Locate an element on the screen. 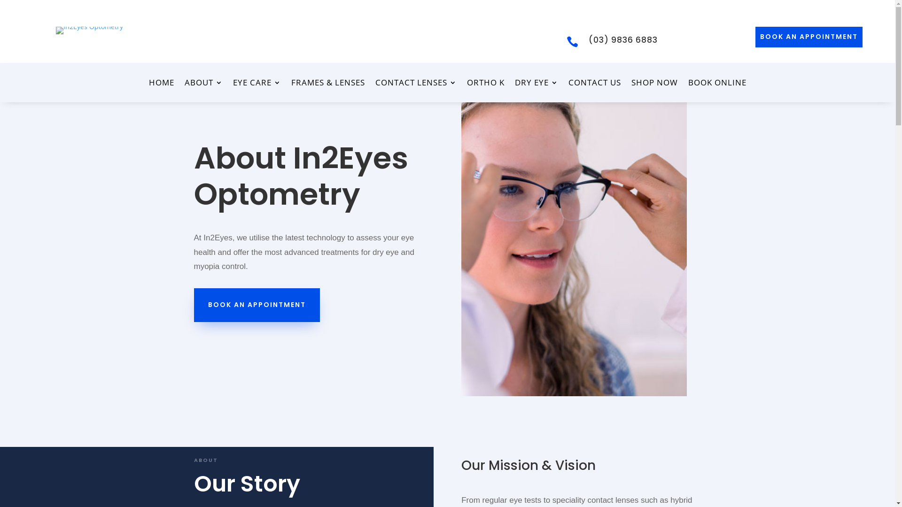 The height and width of the screenshot is (507, 902). 'FRAMES & LENSES' is located at coordinates (328, 84).